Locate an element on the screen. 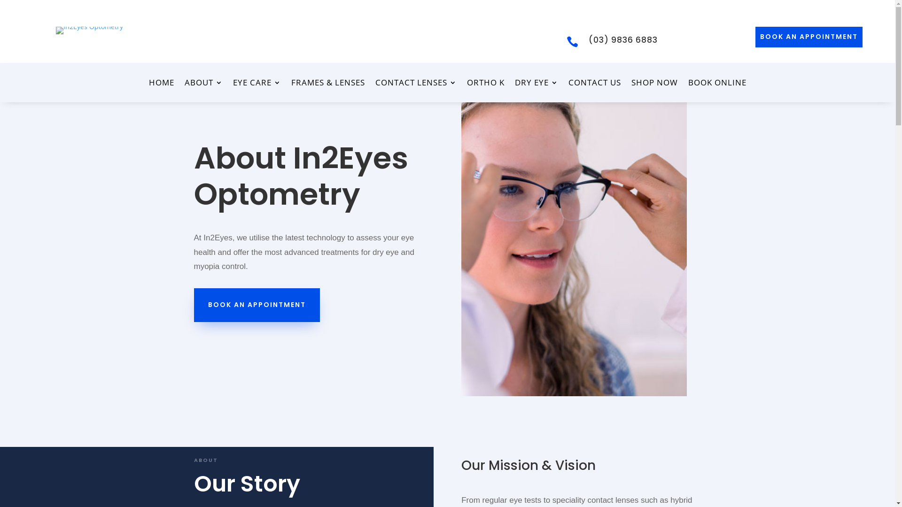 The height and width of the screenshot is (507, 902). 'FRAMES & LENSES' is located at coordinates (328, 84).